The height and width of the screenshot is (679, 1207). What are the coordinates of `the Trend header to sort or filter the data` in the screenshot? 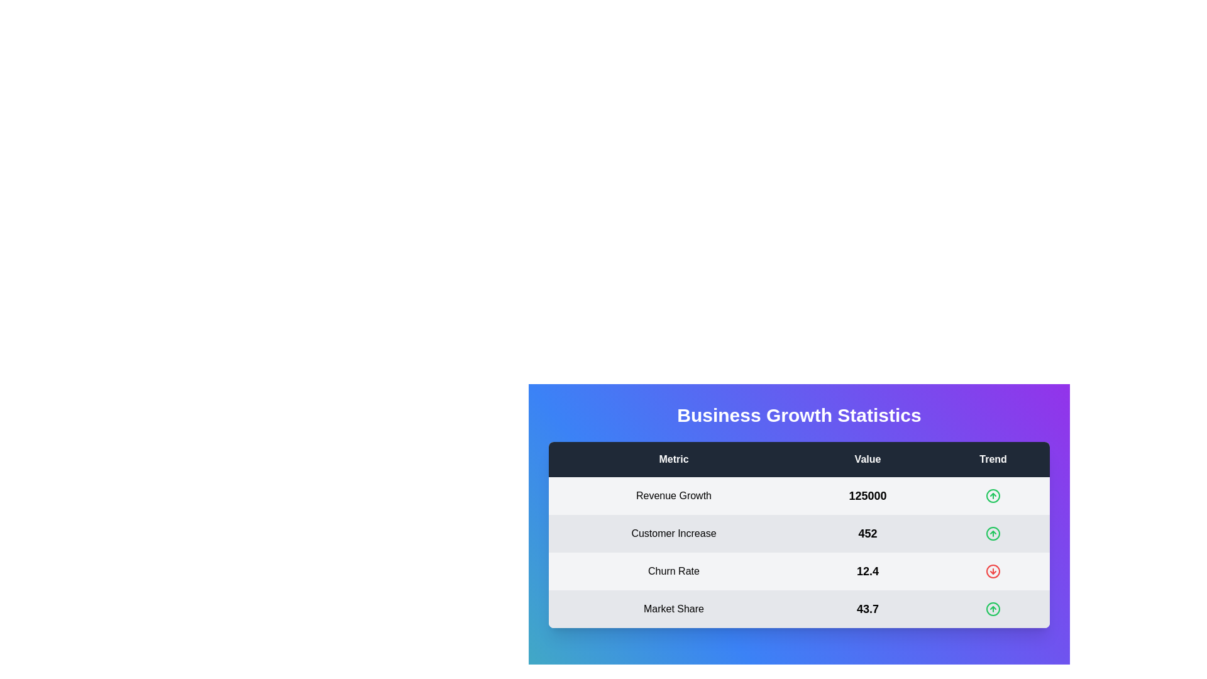 It's located at (992, 460).